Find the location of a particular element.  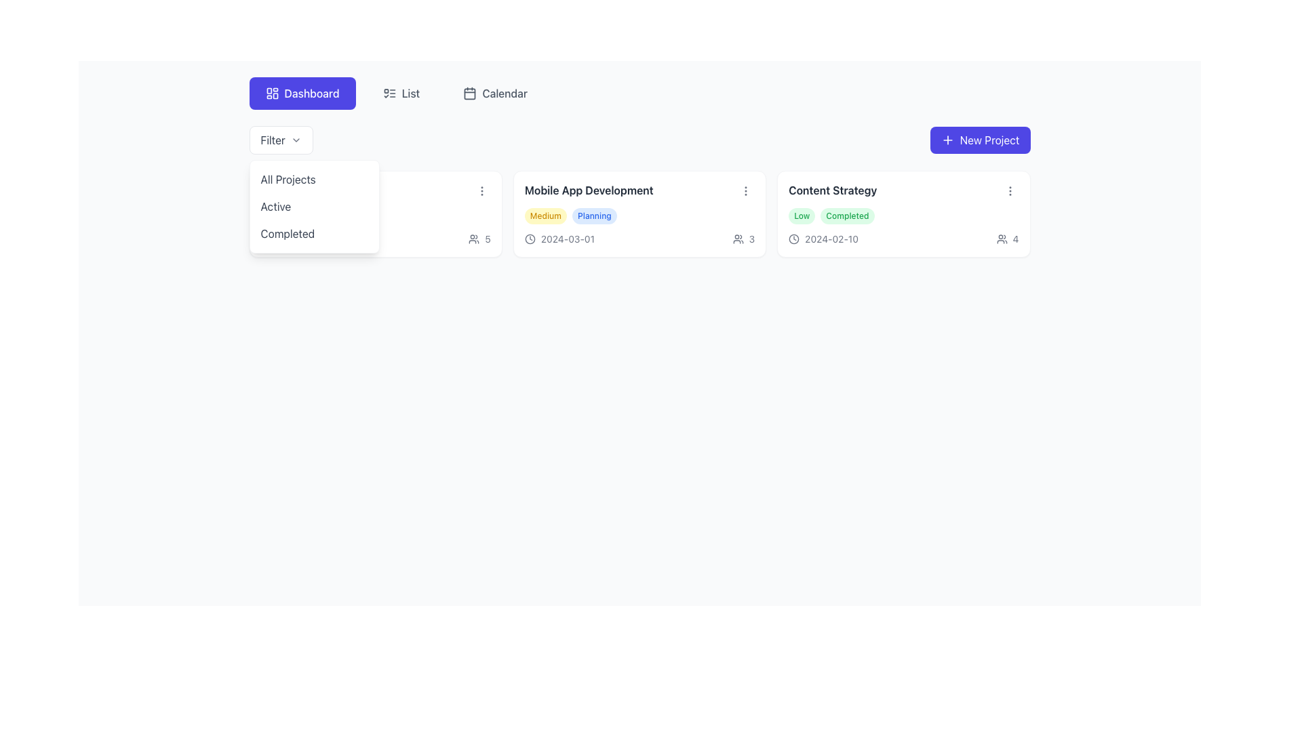

the calendar icon, which is a black-and-white minimalist design with a square outline and a grid, located in the navigation bar to the right of the 'List' button and before the 'Calendar' label is located at coordinates (470, 93).